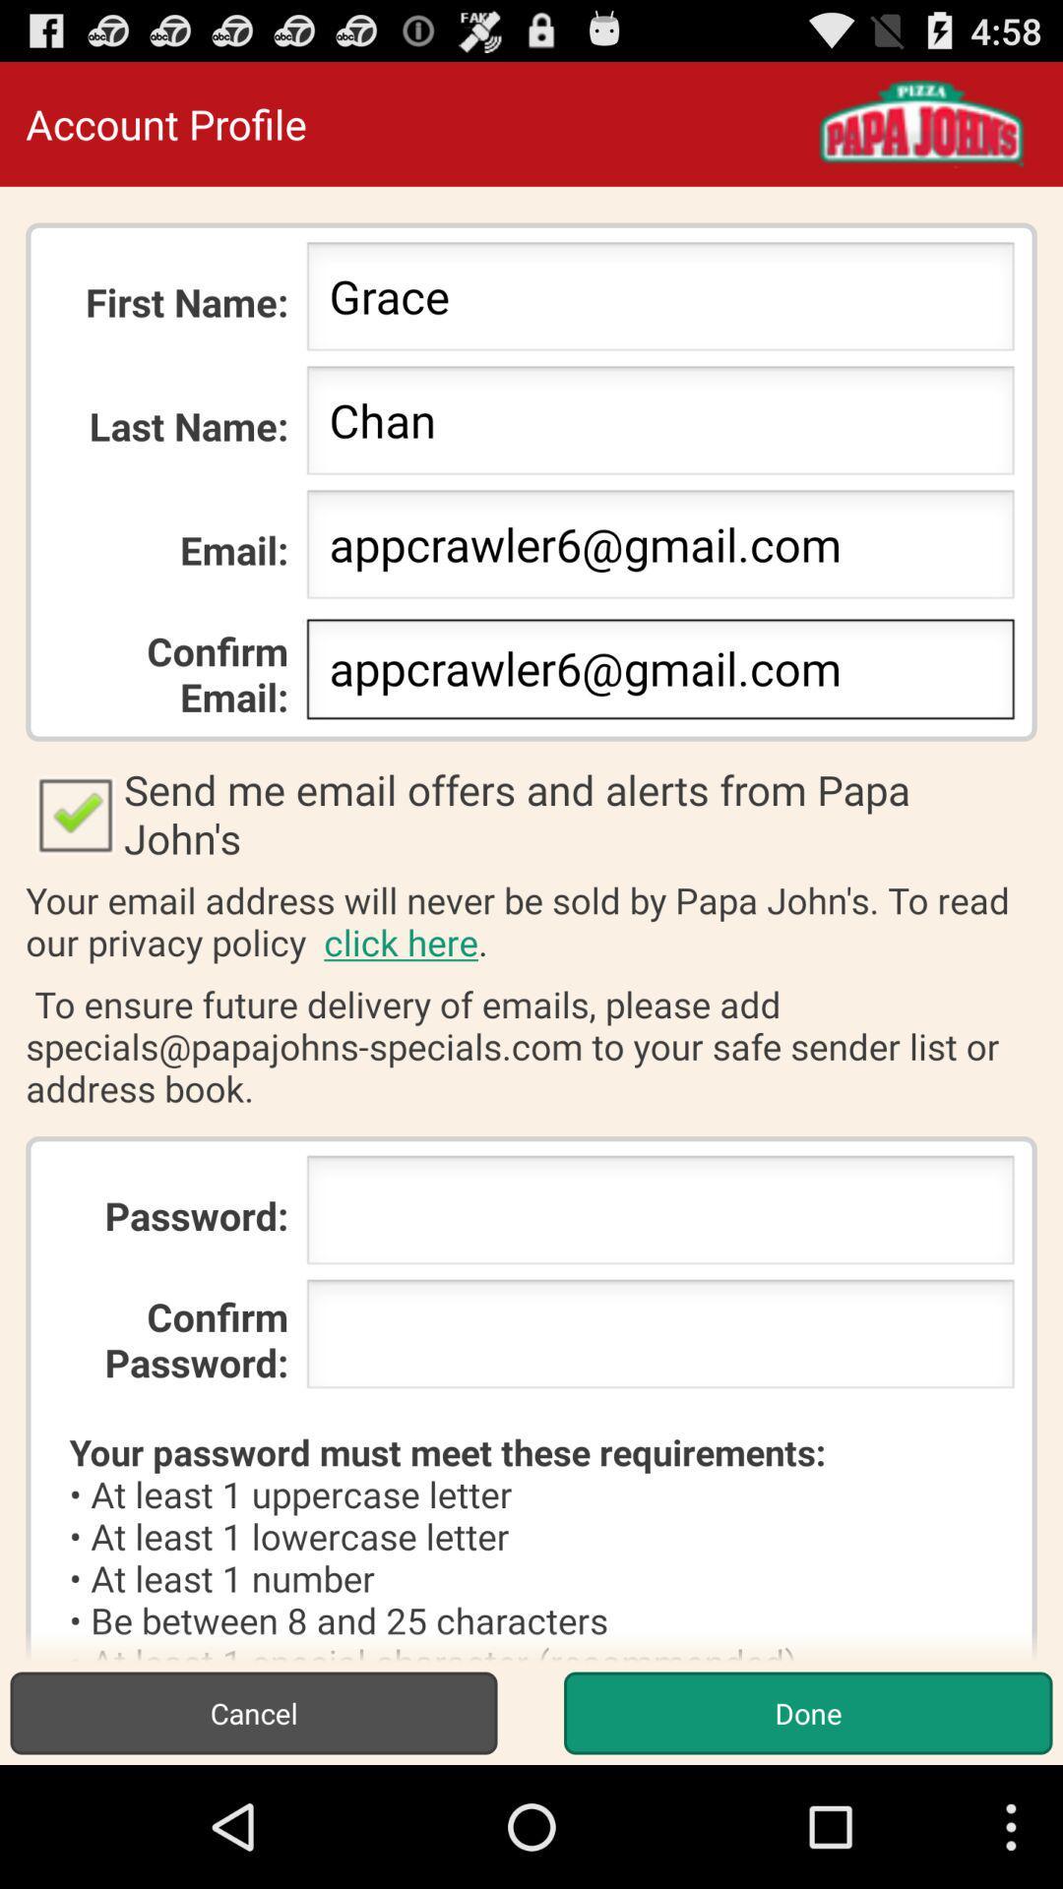  What do you see at coordinates (253, 1712) in the screenshot?
I see `cancel button` at bounding box center [253, 1712].